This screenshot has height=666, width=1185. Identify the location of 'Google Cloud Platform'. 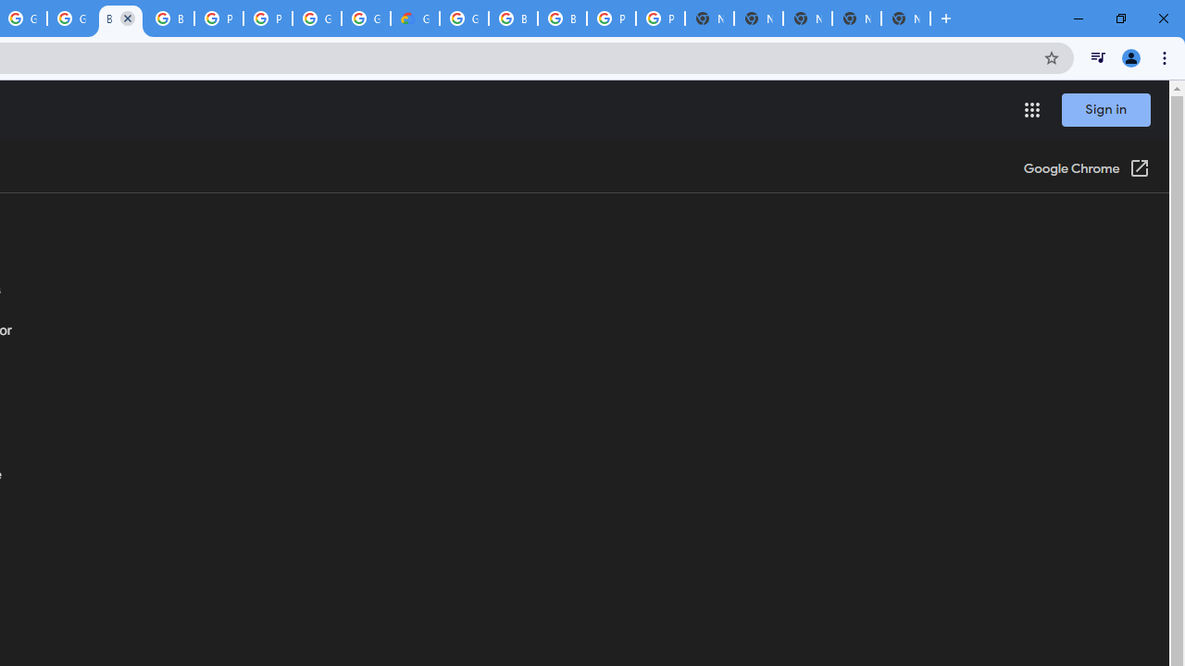
(317, 18).